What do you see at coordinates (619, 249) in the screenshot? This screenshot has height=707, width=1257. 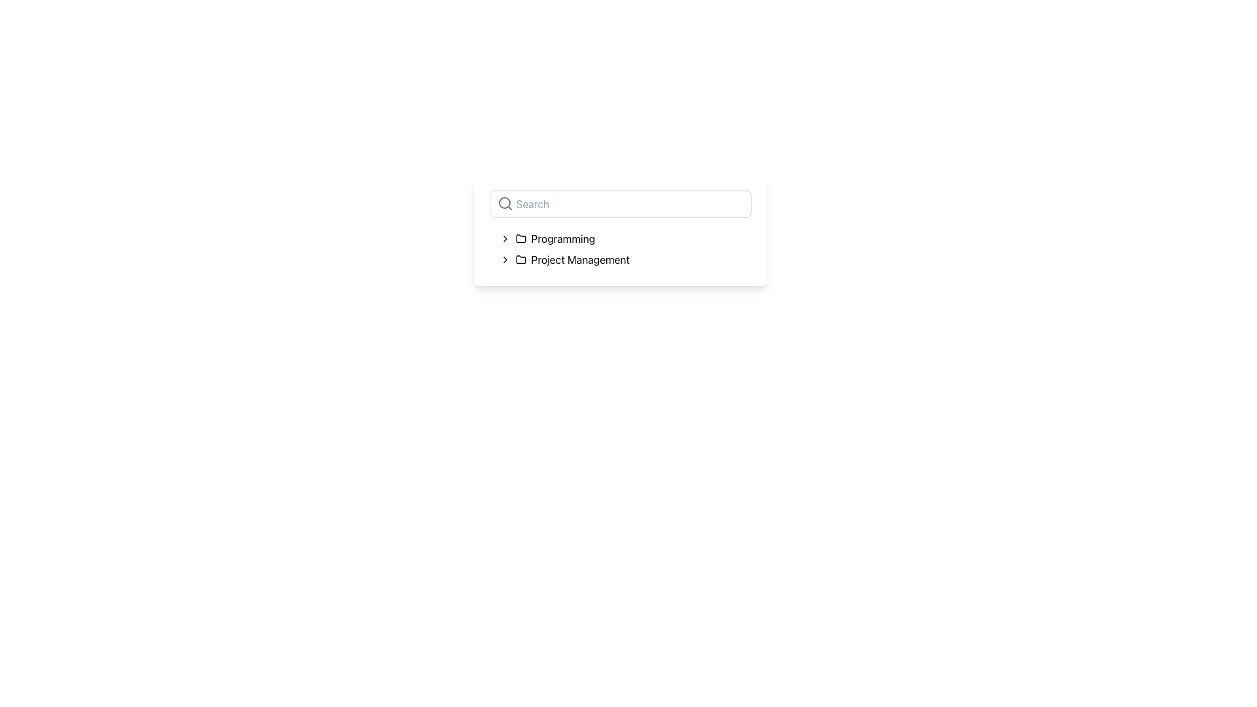 I see `the 'Programming' and 'Project Management' section of the Navigable List, which is contained within a white card background` at bounding box center [619, 249].